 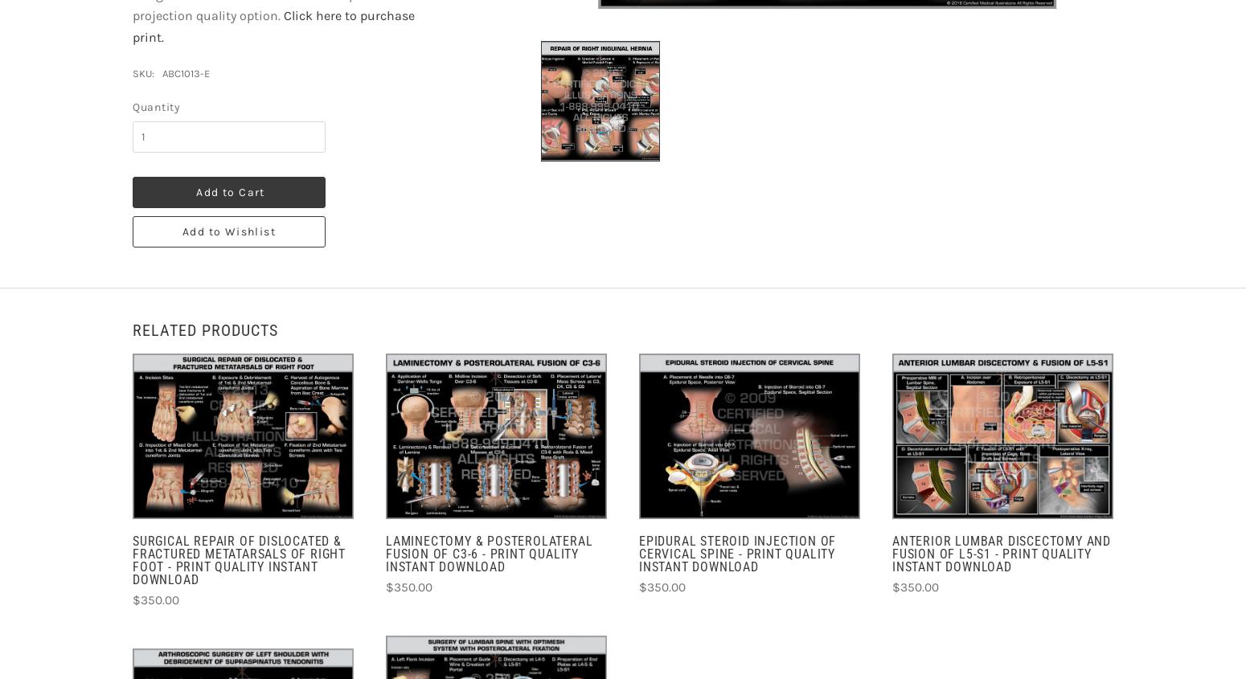 I want to click on 'Quantity', so click(x=155, y=107).